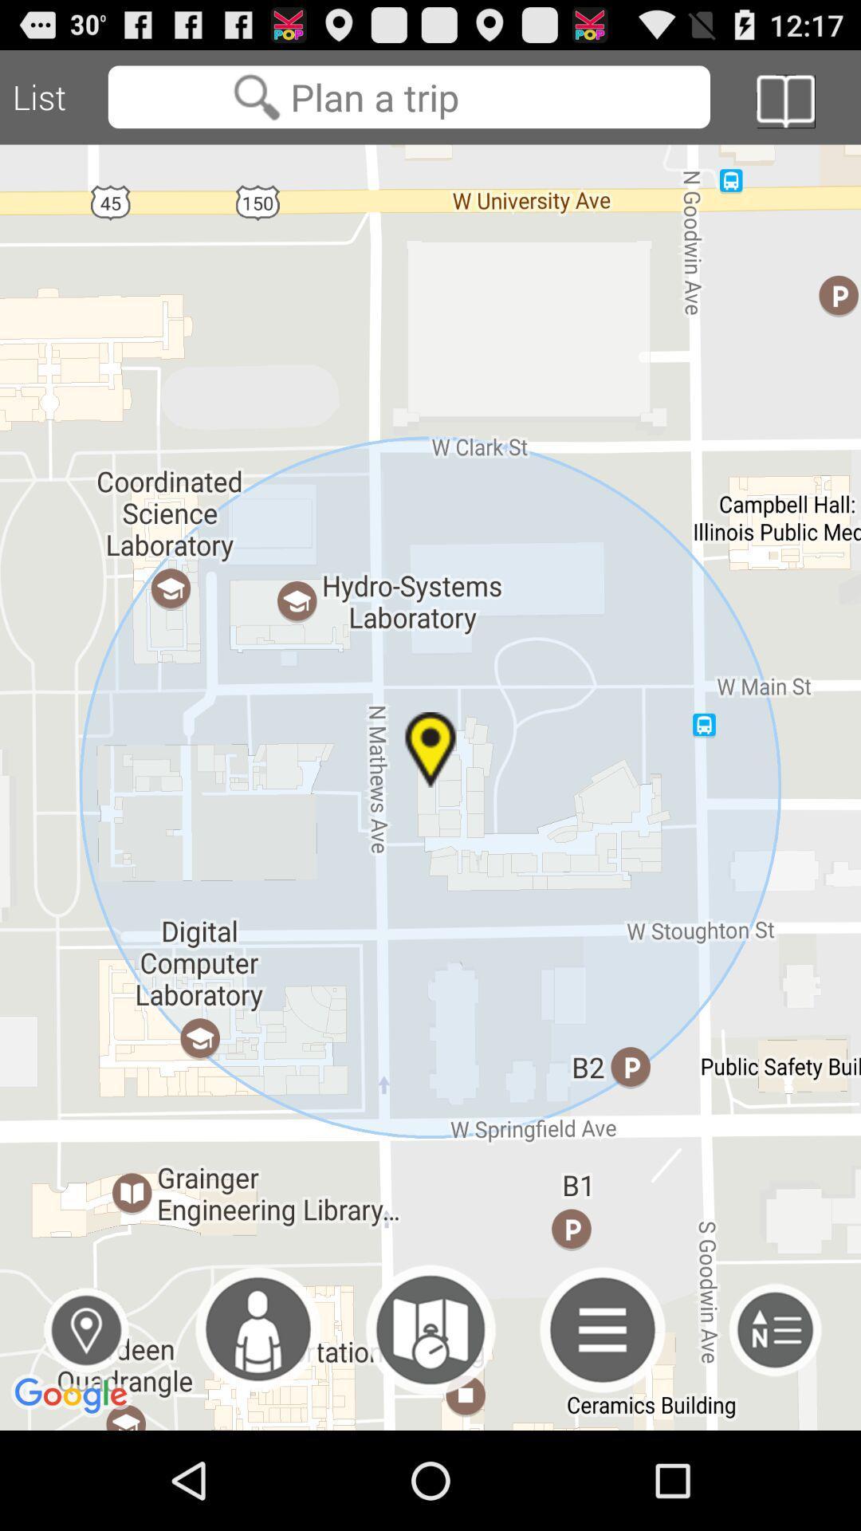 Image resolution: width=861 pixels, height=1531 pixels. Describe the element at coordinates (53, 96) in the screenshot. I see `the icon at the top left corner` at that location.